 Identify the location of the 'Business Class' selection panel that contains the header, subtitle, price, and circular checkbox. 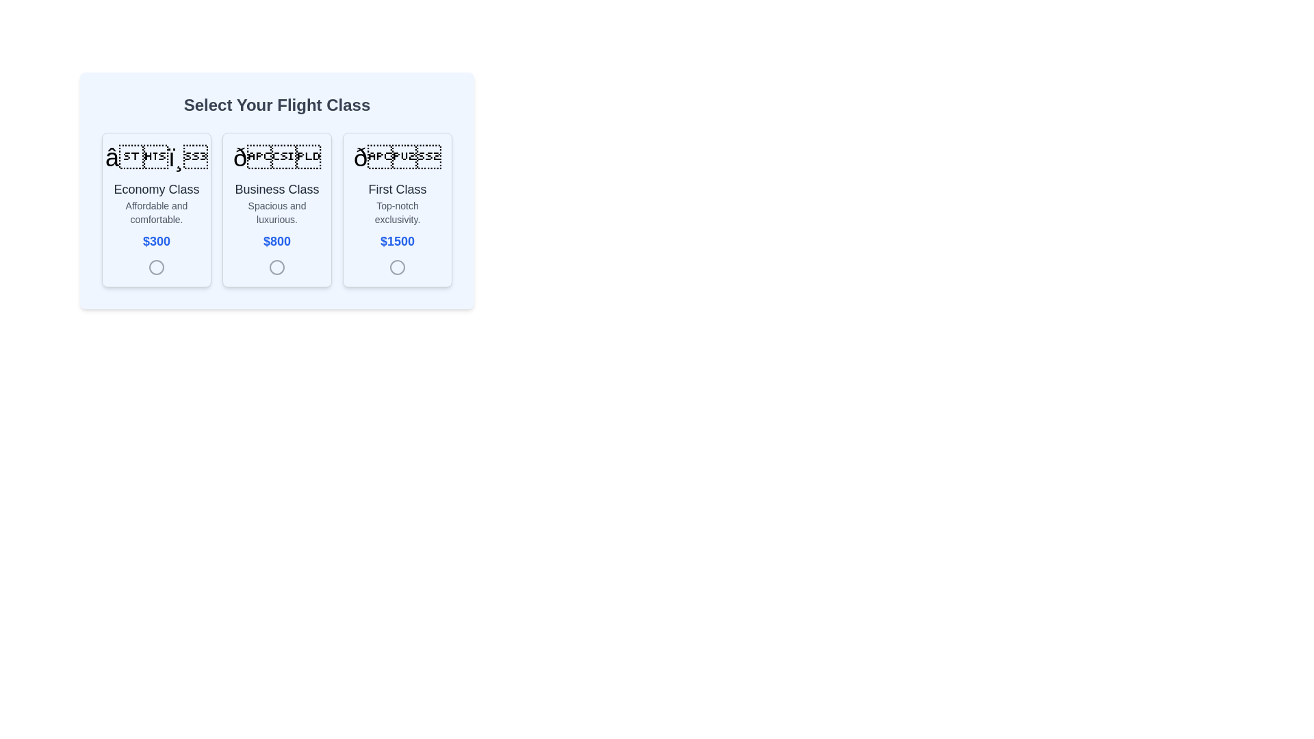
(276, 210).